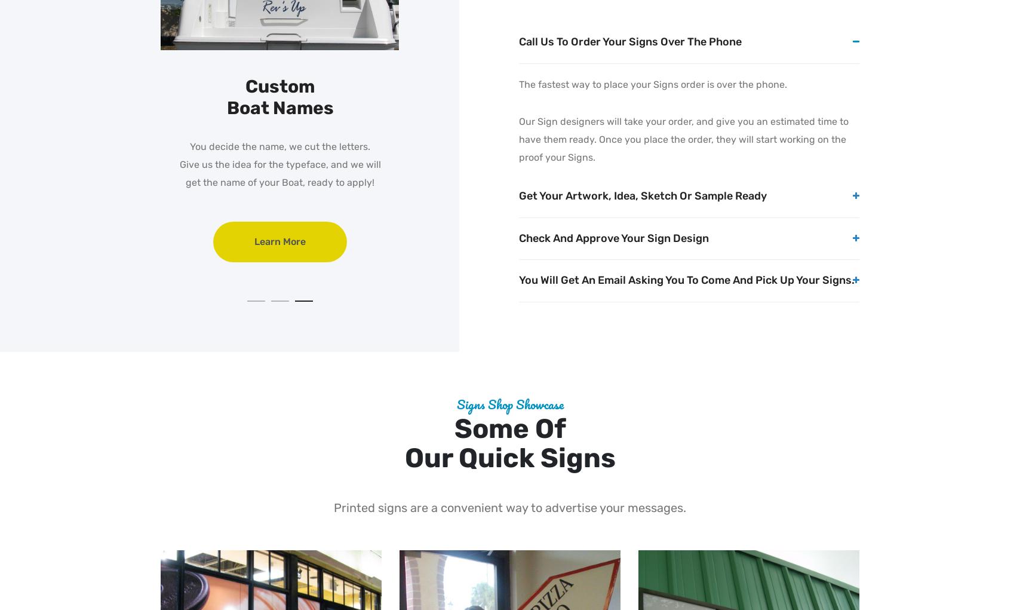 The image size is (1029, 610). Describe the element at coordinates (509, 458) in the screenshot. I see `'our Quick Signs'` at that location.